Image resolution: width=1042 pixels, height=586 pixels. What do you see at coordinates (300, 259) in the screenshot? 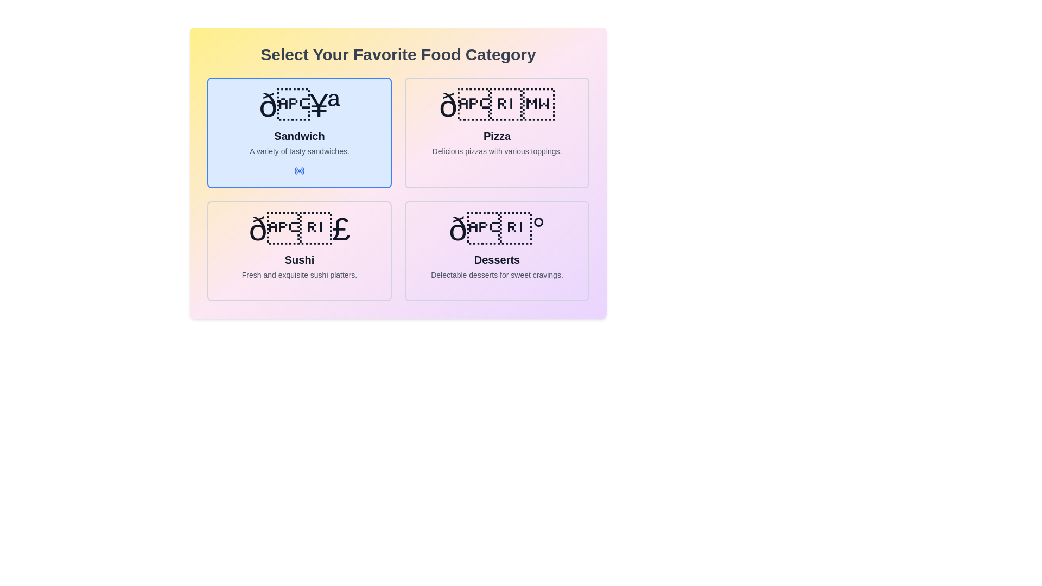
I see `the 'Sushi' text label, which is displayed in a bold font style and centrally aligned in the lower-left quadrant of the grid layout` at bounding box center [300, 259].